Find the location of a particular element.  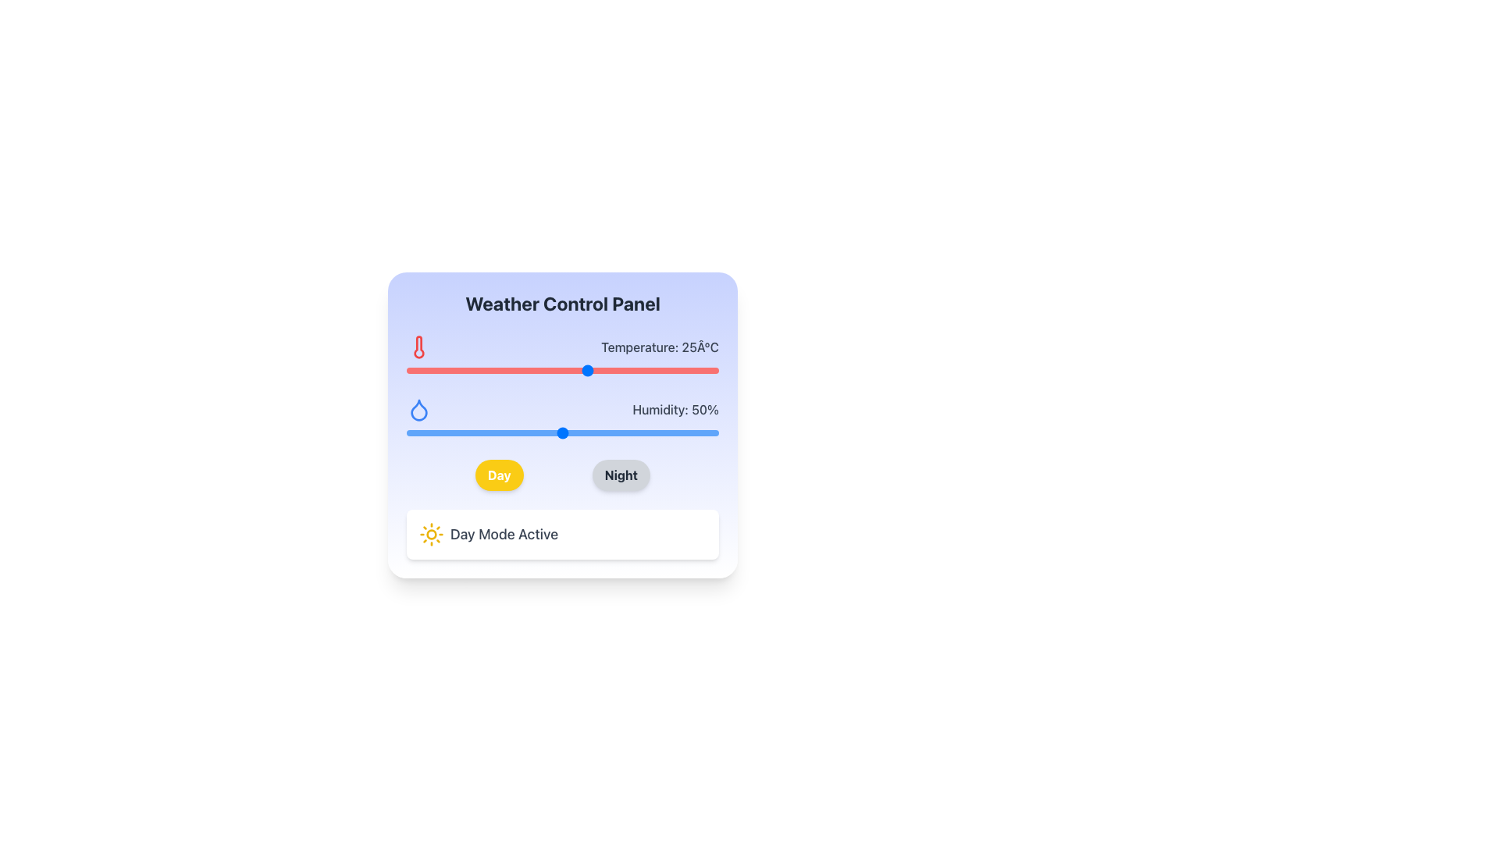

the temperature is located at coordinates (630, 370).